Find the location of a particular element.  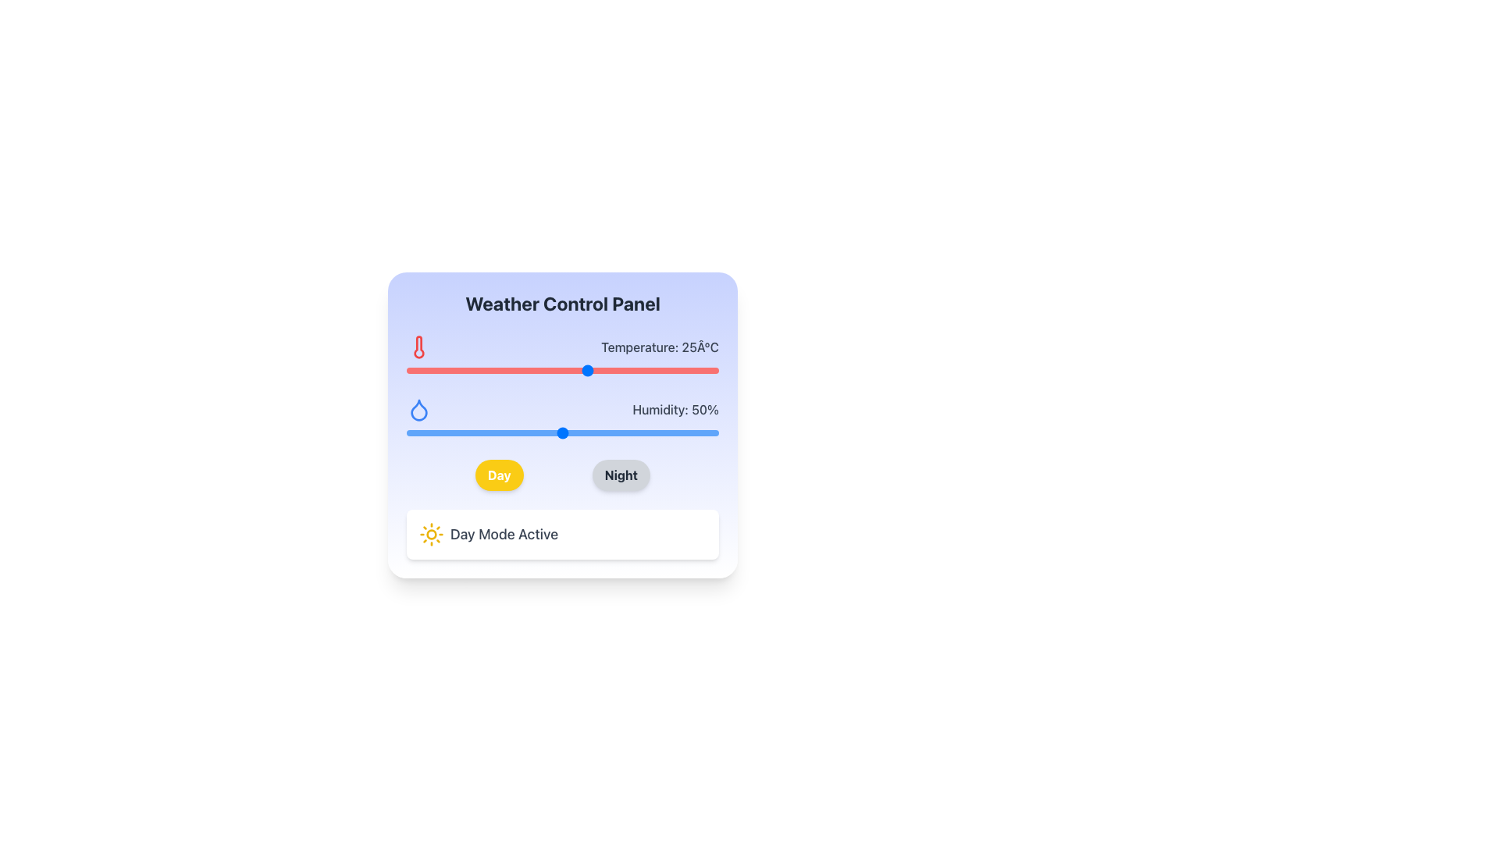

the temperature is located at coordinates (630, 370).